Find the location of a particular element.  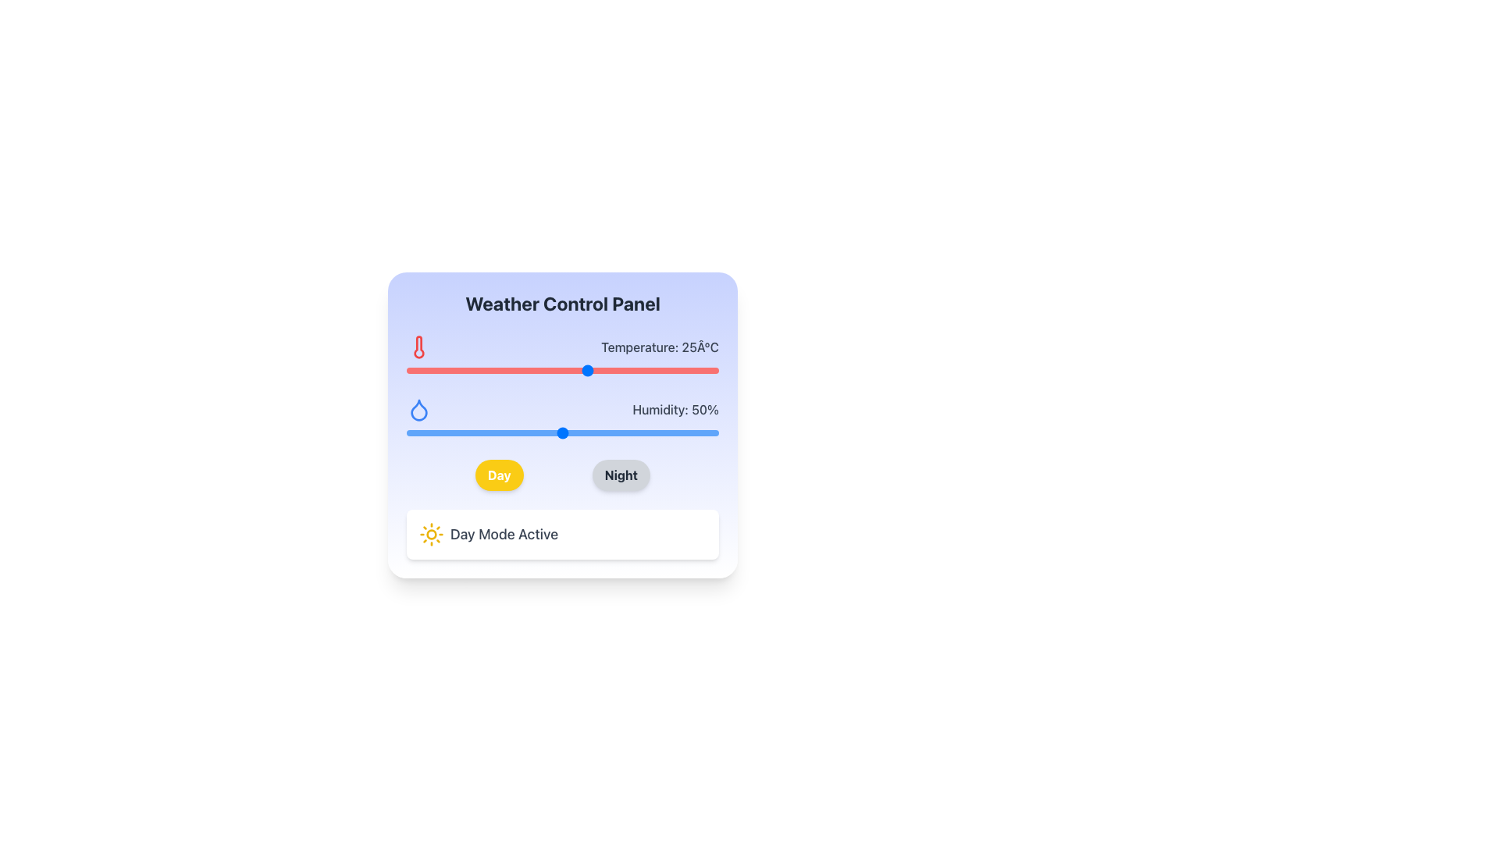

the temperature is located at coordinates (630, 370).